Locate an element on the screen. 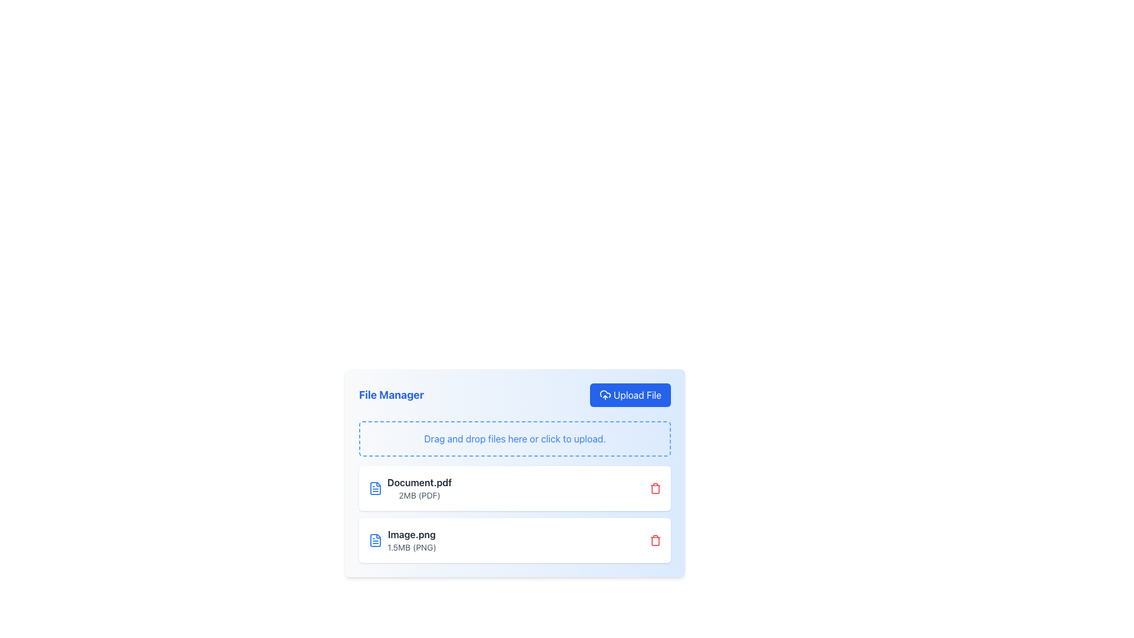 This screenshot has width=1134, height=638. the red trash icon located on the right side of the file entry labeled 'Image.png 1.5MB (PNG)' is located at coordinates (654, 540).